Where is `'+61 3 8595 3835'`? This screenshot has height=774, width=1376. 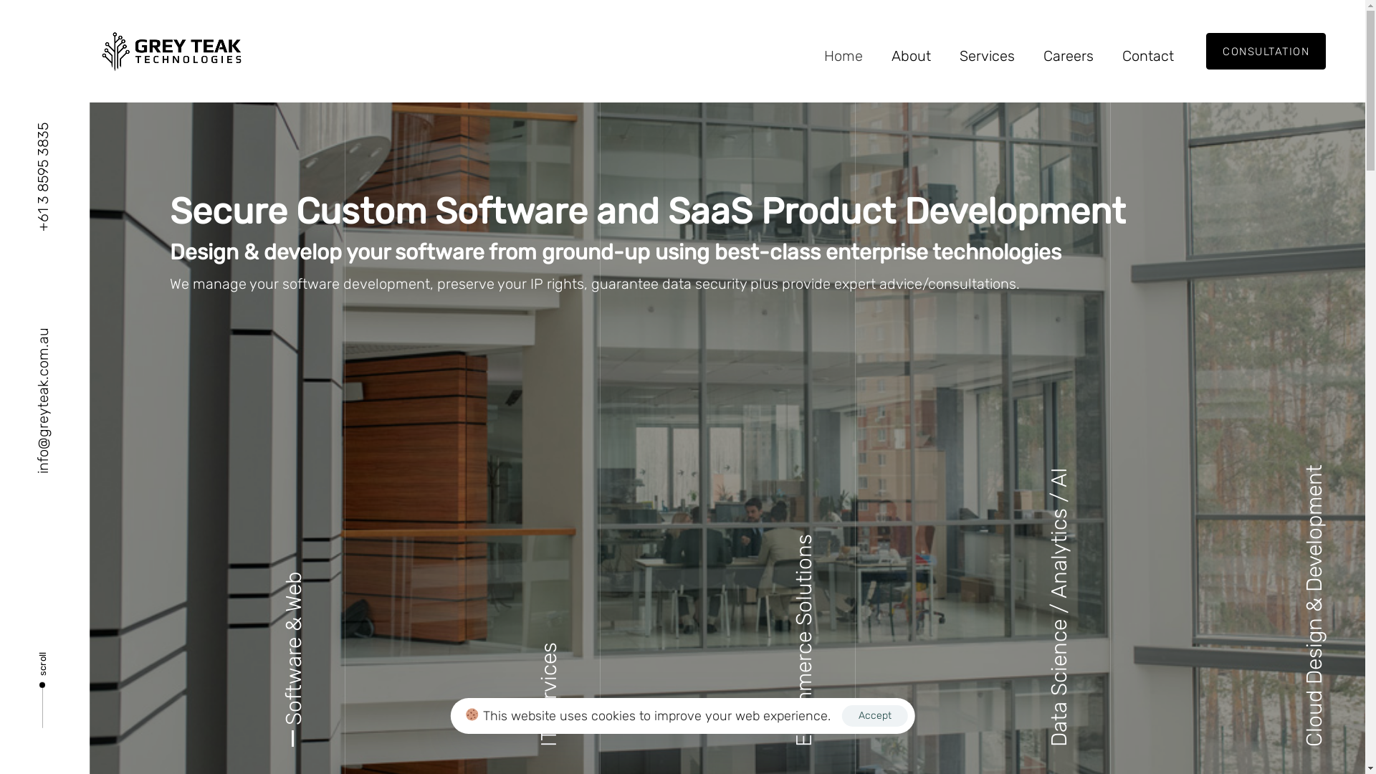 '+61 3 8595 3835' is located at coordinates (42, 176).